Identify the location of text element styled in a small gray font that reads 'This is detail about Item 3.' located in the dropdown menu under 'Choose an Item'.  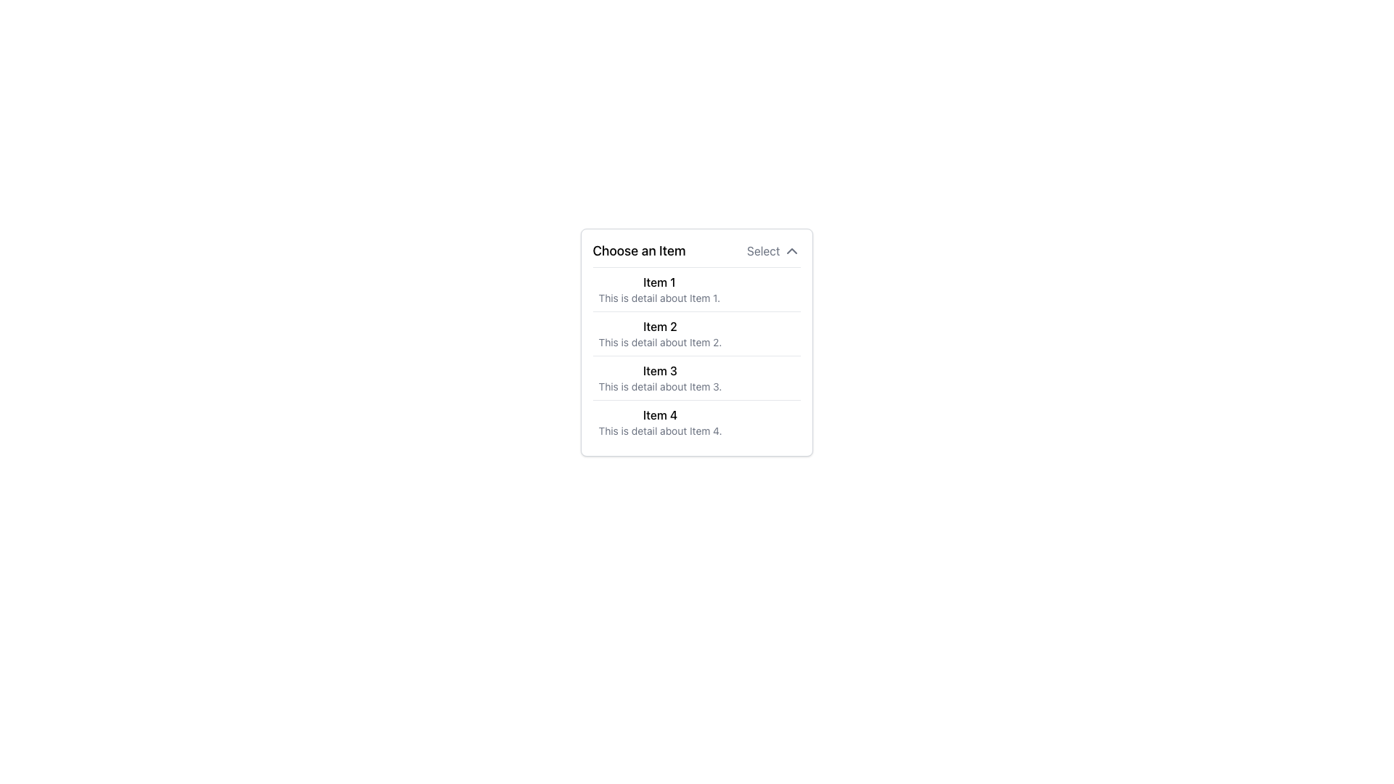
(659, 385).